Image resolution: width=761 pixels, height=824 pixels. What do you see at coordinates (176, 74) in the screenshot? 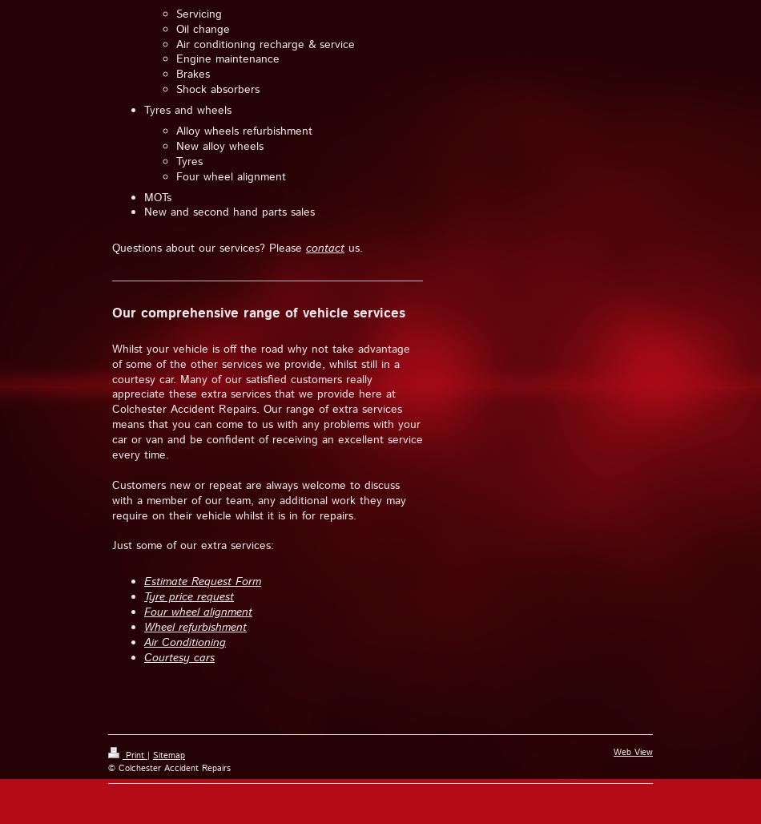
I see `'Brakes'` at bounding box center [176, 74].